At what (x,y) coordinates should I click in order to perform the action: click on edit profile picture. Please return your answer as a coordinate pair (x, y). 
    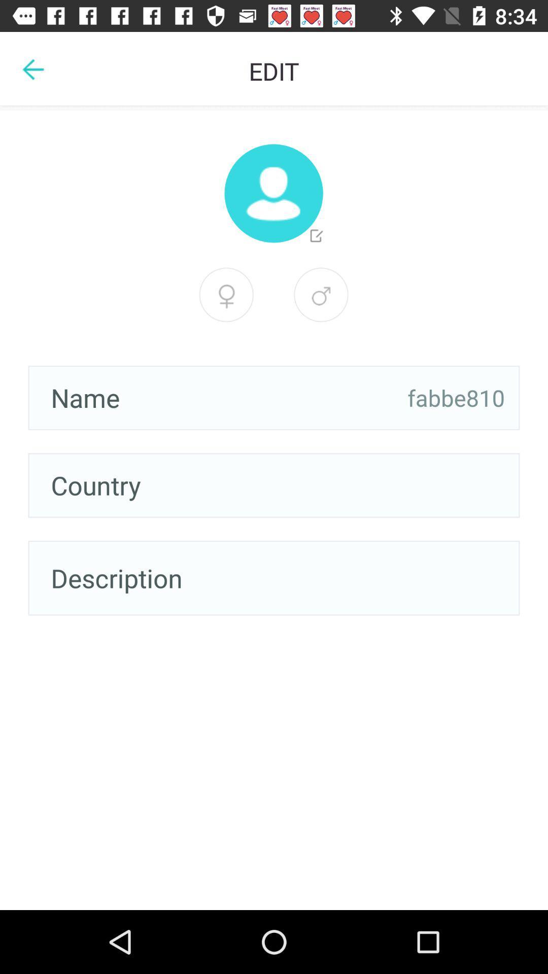
    Looking at the image, I should click on (273, 193).